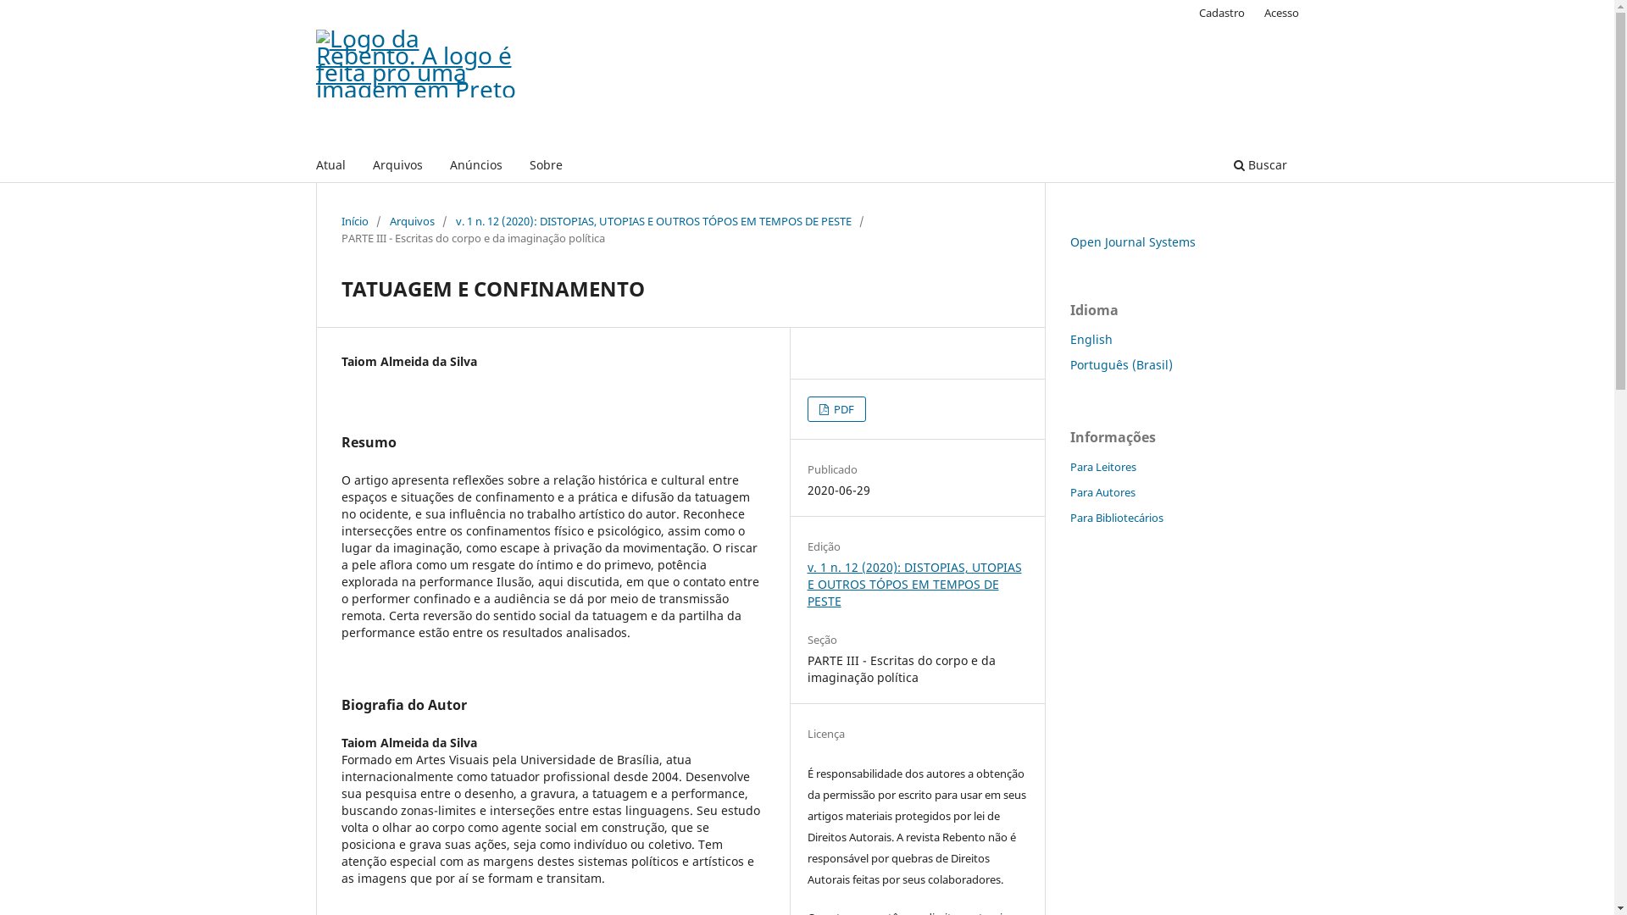 This screenshot has height=915, width=1627. I want to click on 'Open Journal Systems', so click(1131, 241).